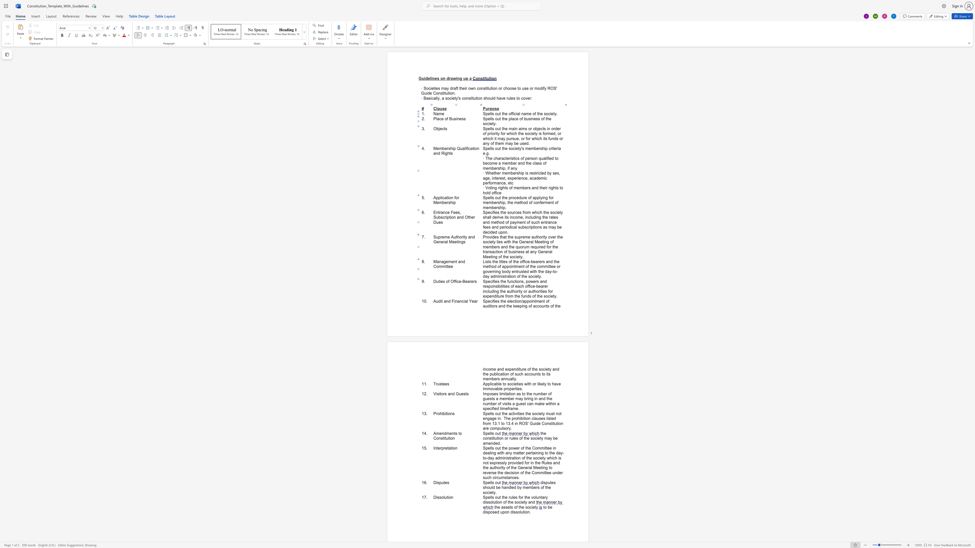  Describe the element at coordinates (446, 266) in the screenshot. I see `the 2th character "t" in the text` at that location.